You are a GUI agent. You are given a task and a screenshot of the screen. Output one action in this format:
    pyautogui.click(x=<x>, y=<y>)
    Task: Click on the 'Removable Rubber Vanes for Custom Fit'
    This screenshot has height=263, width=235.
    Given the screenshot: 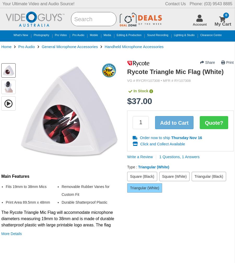 What is the action you would take?
    pyautogui.click(x=85, y=191)
    